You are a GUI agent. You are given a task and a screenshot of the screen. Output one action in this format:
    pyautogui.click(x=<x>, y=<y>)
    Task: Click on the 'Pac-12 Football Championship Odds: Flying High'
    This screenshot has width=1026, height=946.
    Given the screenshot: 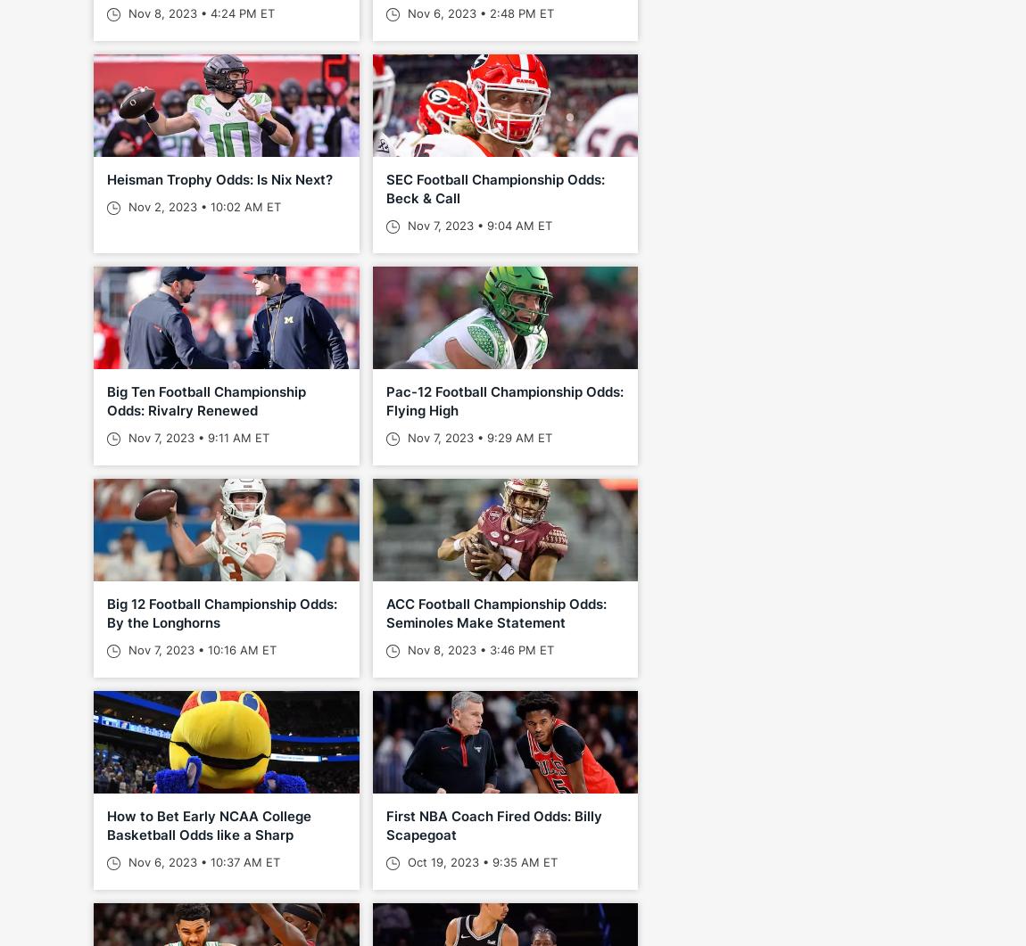 What is the action you would take?
    pyautogui.click(x=503, y=400)
    